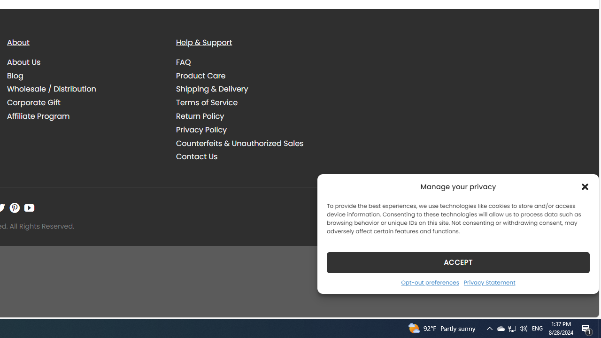 This screenshot has height=338, width=601. Describe the element at coordinates (579, 304) in the screenshot. I see `'Go to top'` at that location.